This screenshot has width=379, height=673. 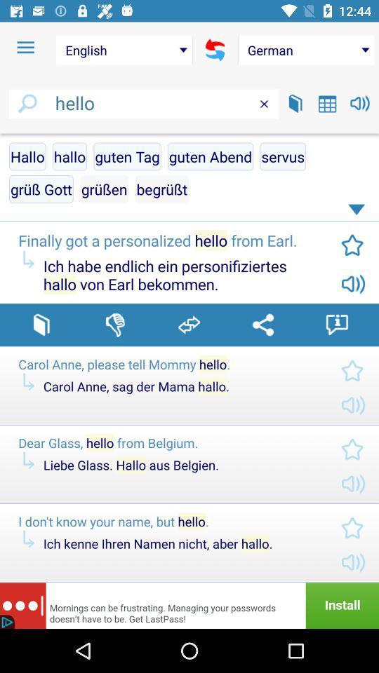 What do you see at coordinates (283, 156) in the screenshot?
I see `the item next to the guten abend icon` at bounding box center [283, 156].